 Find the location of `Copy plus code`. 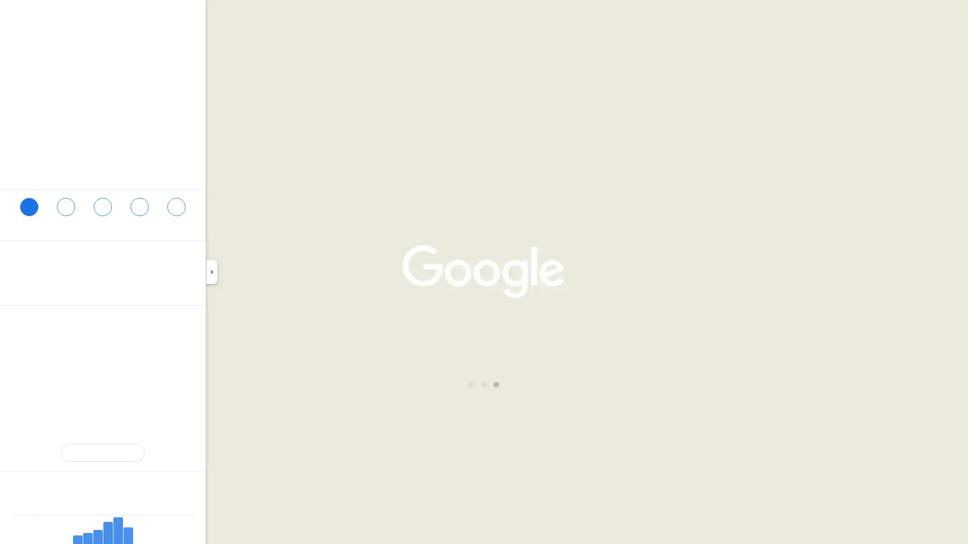

Copy plus code is located at coordinates (173, 394).